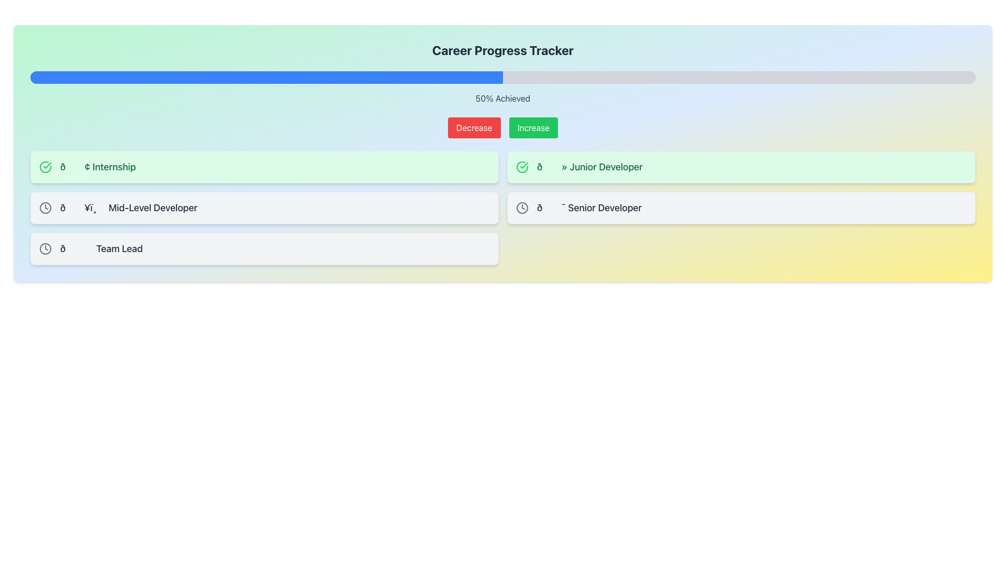 This screenshot has width=1006, height=566. I want to click on the vibrant red 'Decrease' button with rounded corners, which displays the text 'Decrease' in white bold font, positioned below the progress bar and to the left of the green 'Increase' button, so click(474, 127).